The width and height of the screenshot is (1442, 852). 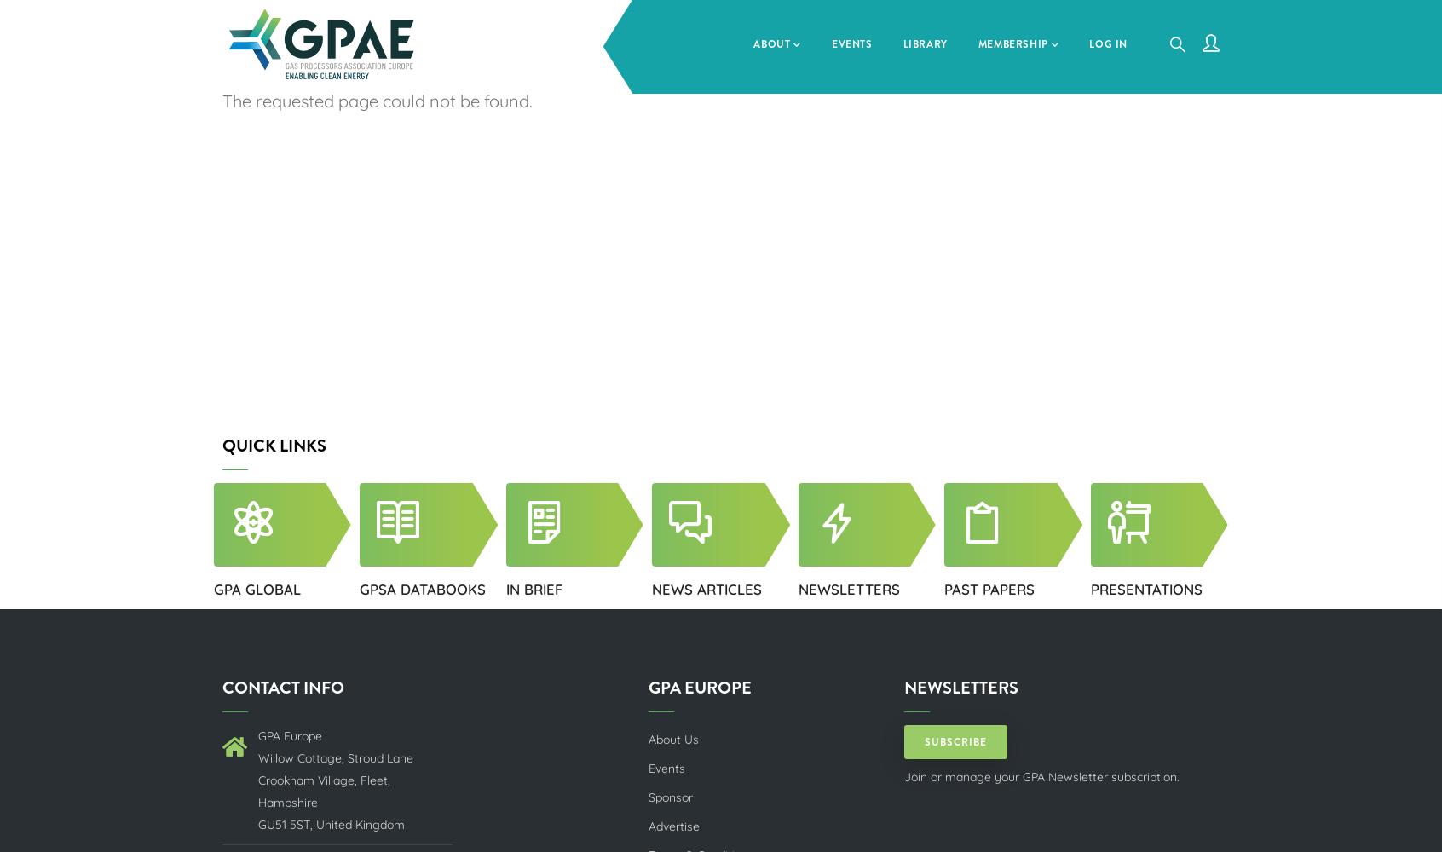 I want to click on 'The requested page could not be found.', so click(x=376, y=100).